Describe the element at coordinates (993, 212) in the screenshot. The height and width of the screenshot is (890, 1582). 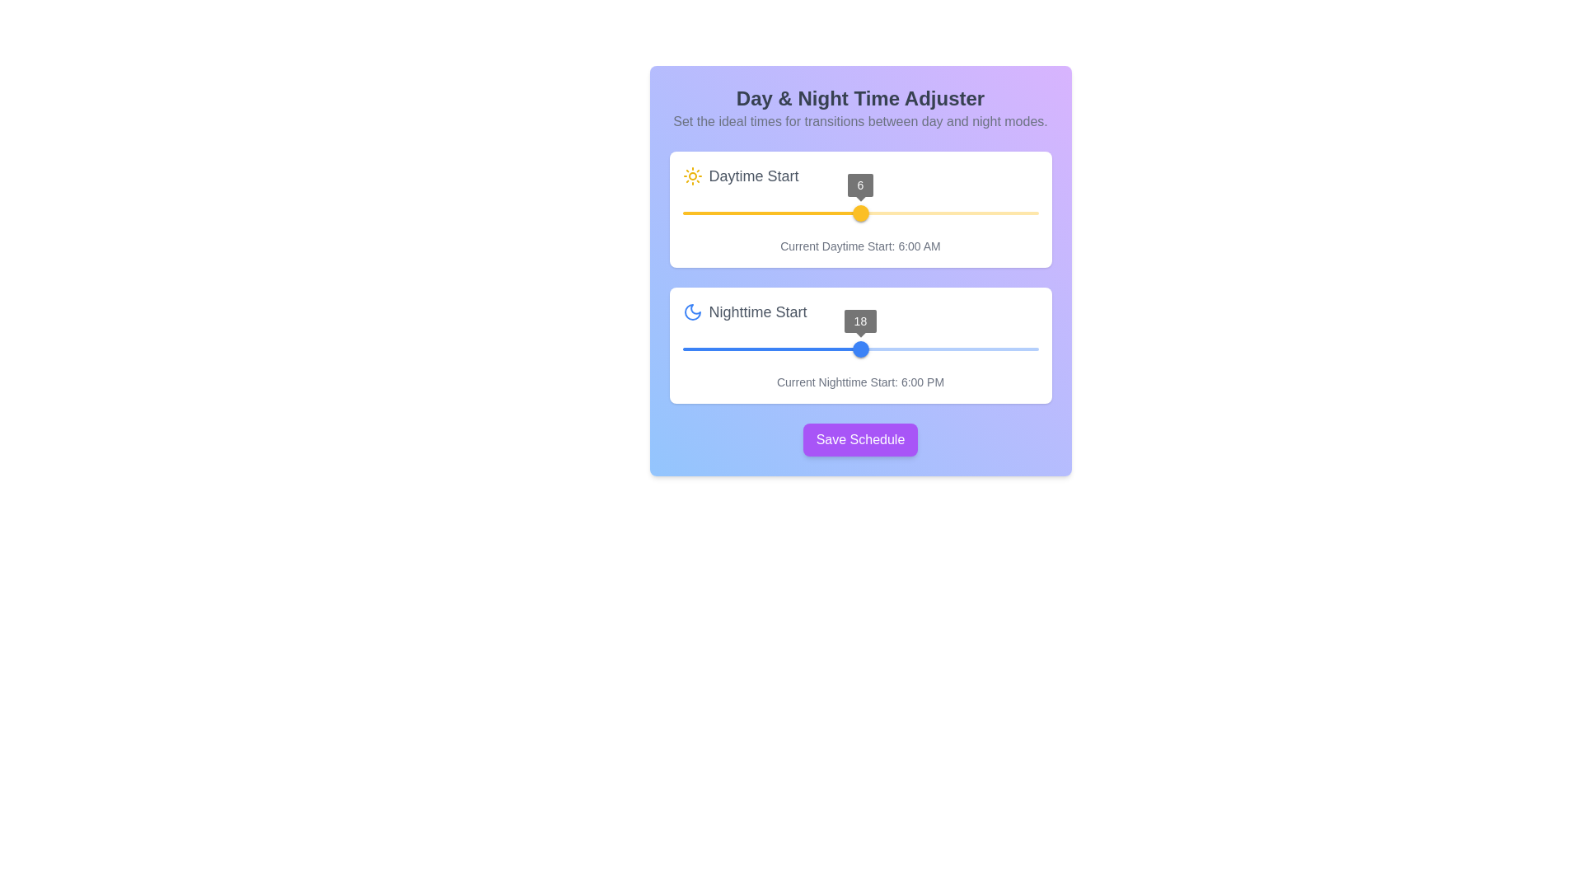
I see `the daytime start` at that location.